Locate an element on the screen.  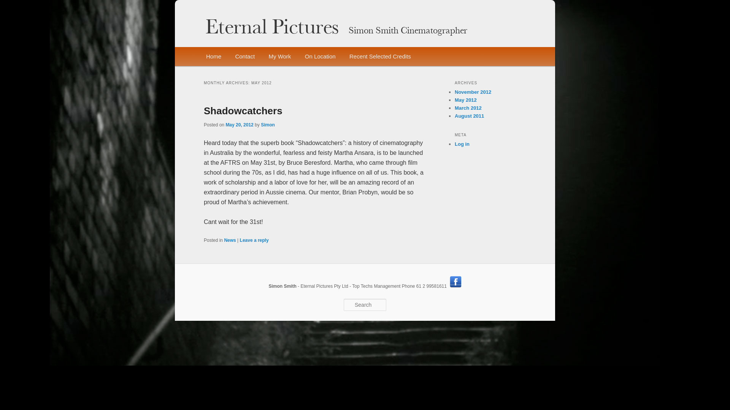
'Shadowcatchers' is located at coordinates (243, 111).